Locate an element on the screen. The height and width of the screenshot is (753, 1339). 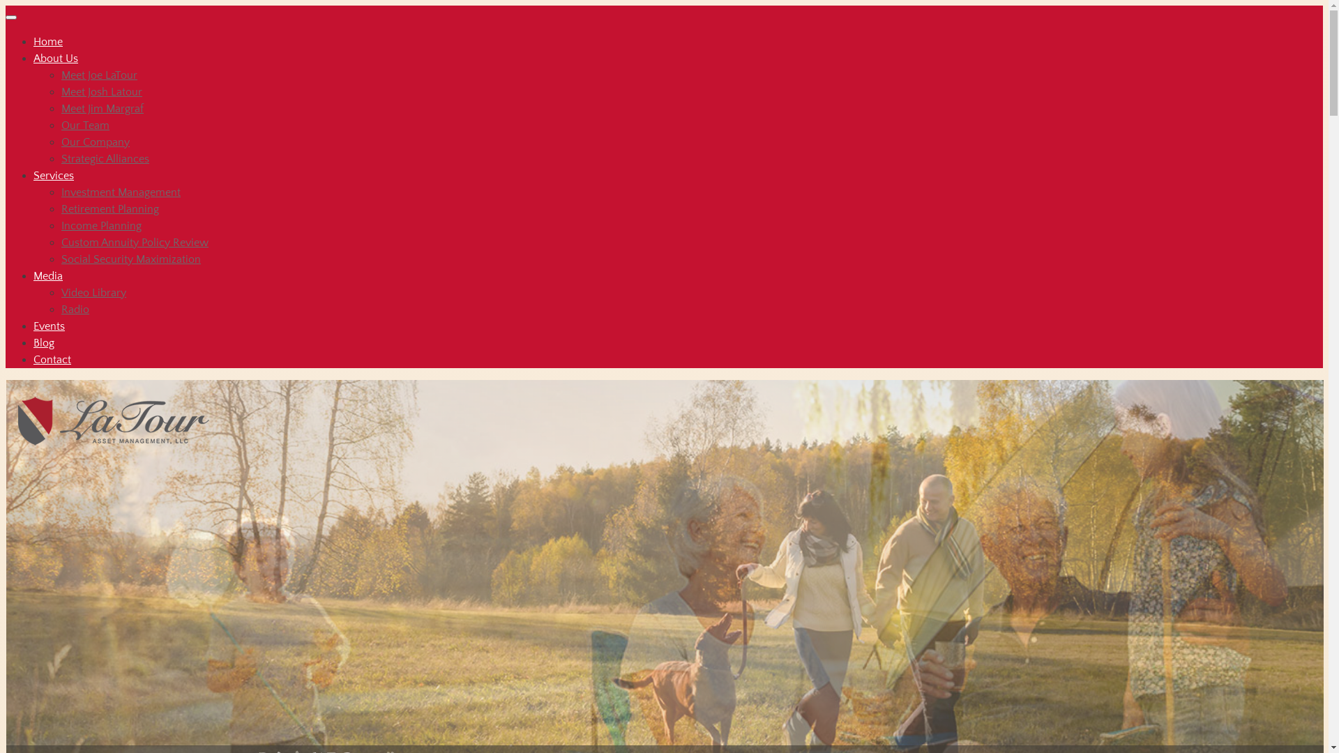
'Meet Josh Latour' is located at coordinates (100, 91).